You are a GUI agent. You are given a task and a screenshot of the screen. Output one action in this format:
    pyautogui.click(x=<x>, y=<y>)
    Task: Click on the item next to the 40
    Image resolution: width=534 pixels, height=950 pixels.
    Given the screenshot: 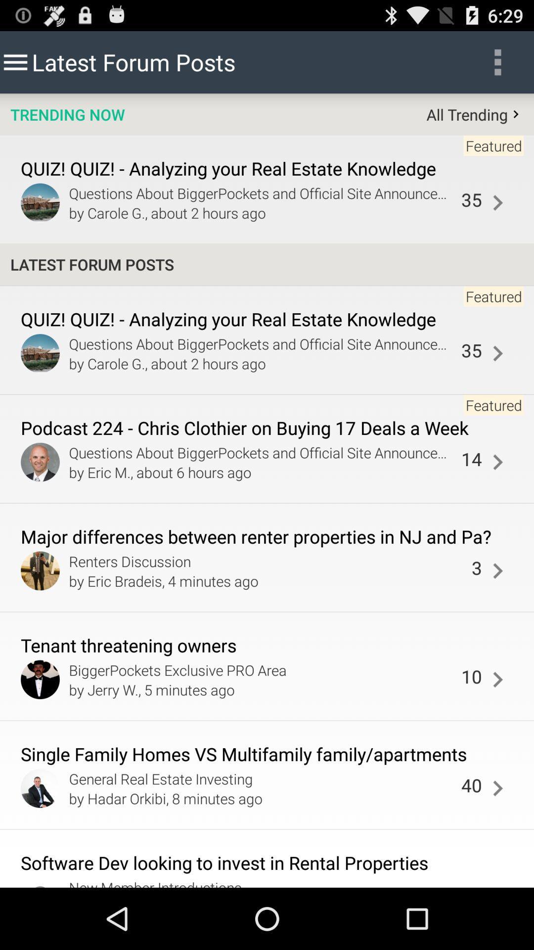 What is the action you would take?
    pyautogui.click(x=262, y=798)
    